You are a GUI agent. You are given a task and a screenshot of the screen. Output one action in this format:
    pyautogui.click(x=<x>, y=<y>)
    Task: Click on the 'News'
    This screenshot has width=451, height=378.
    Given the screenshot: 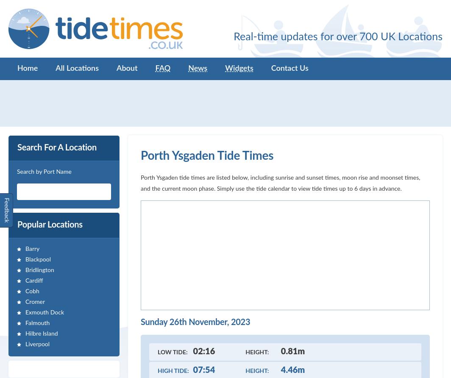 What is the action you would take?
    pyautogui.click(x=188, y=68)
    